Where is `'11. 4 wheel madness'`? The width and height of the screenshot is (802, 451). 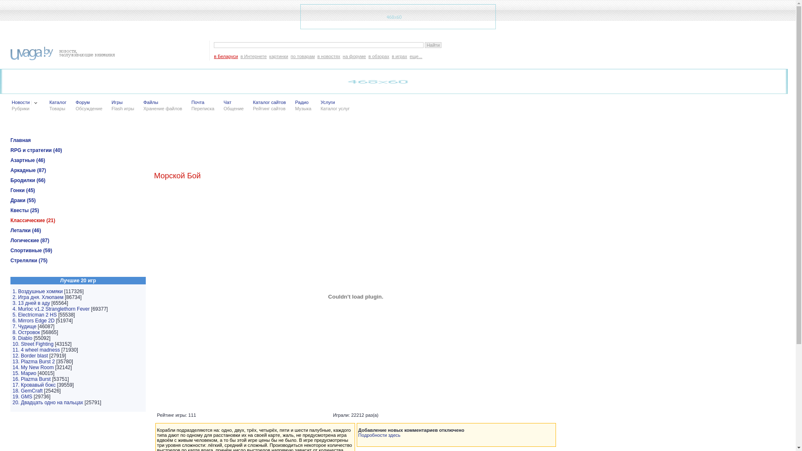
'11. 4 wheel madness' is located at coordinates (36, 350).